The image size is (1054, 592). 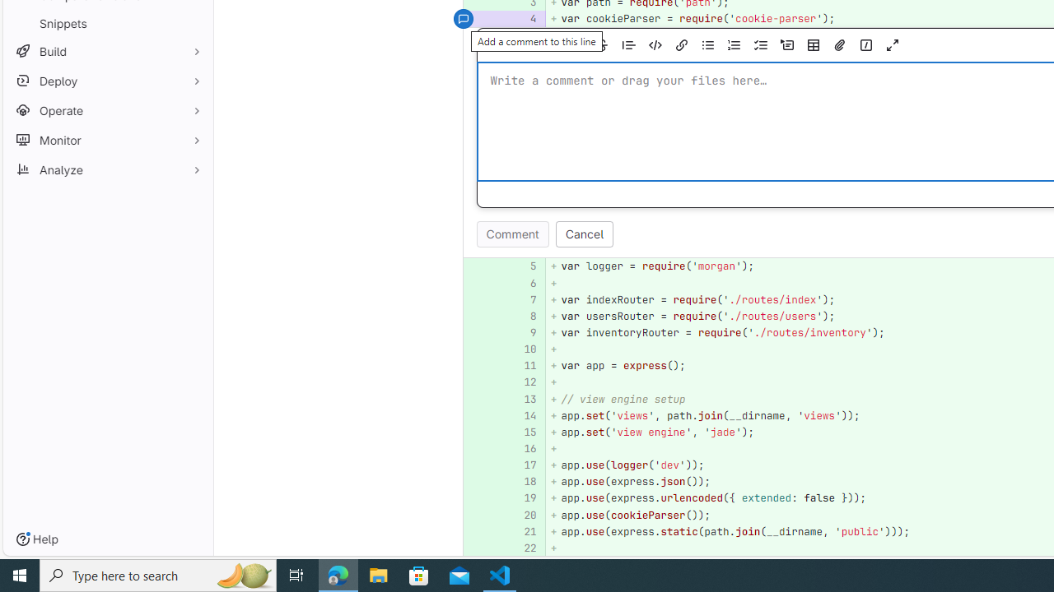 I want to click on 'Add a collapsible section', so click(x=786, y=44).